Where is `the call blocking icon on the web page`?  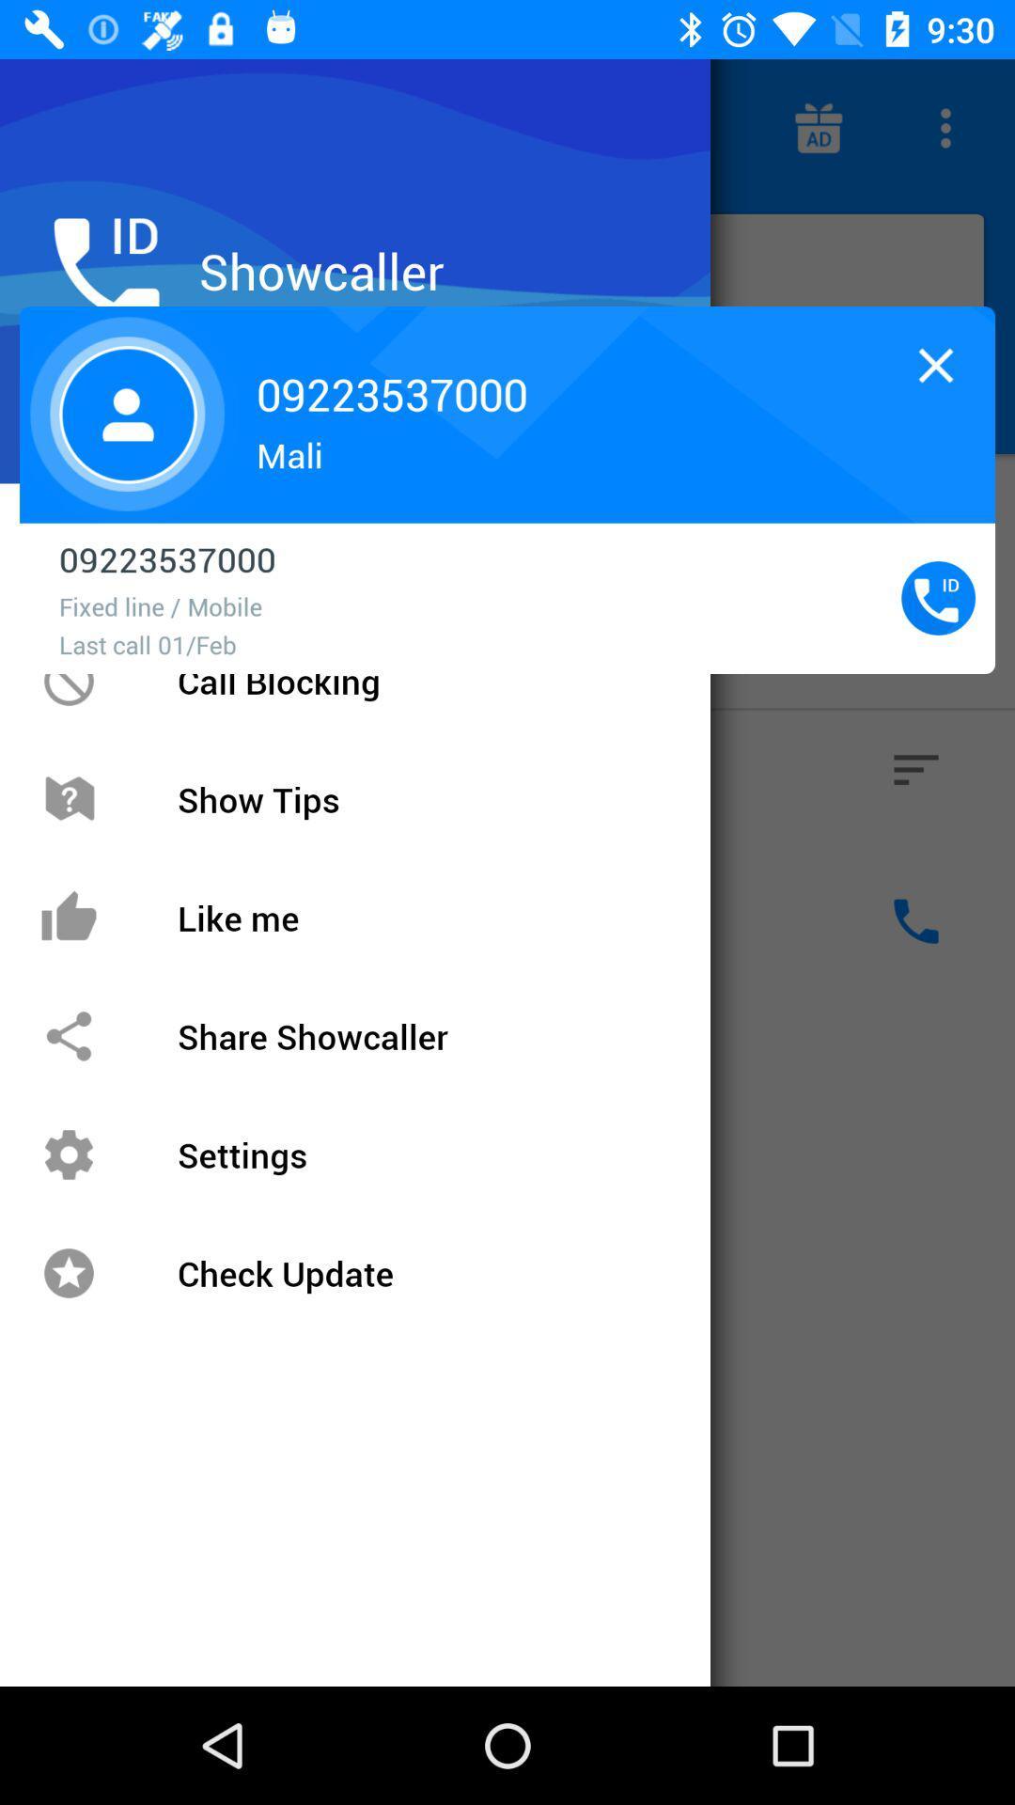
the call blocking icon on the web page is located at coordinates (68, 680).